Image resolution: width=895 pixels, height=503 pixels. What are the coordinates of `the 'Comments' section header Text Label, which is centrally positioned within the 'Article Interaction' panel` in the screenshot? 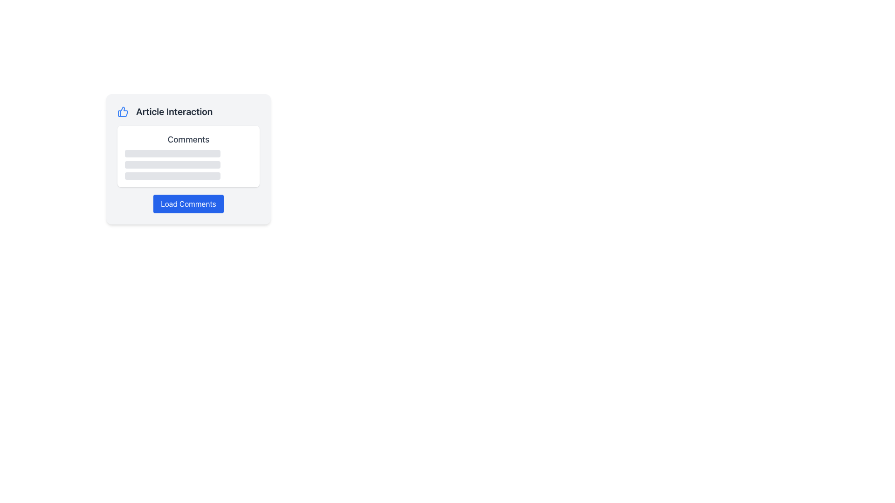 It's located at (188, 140).